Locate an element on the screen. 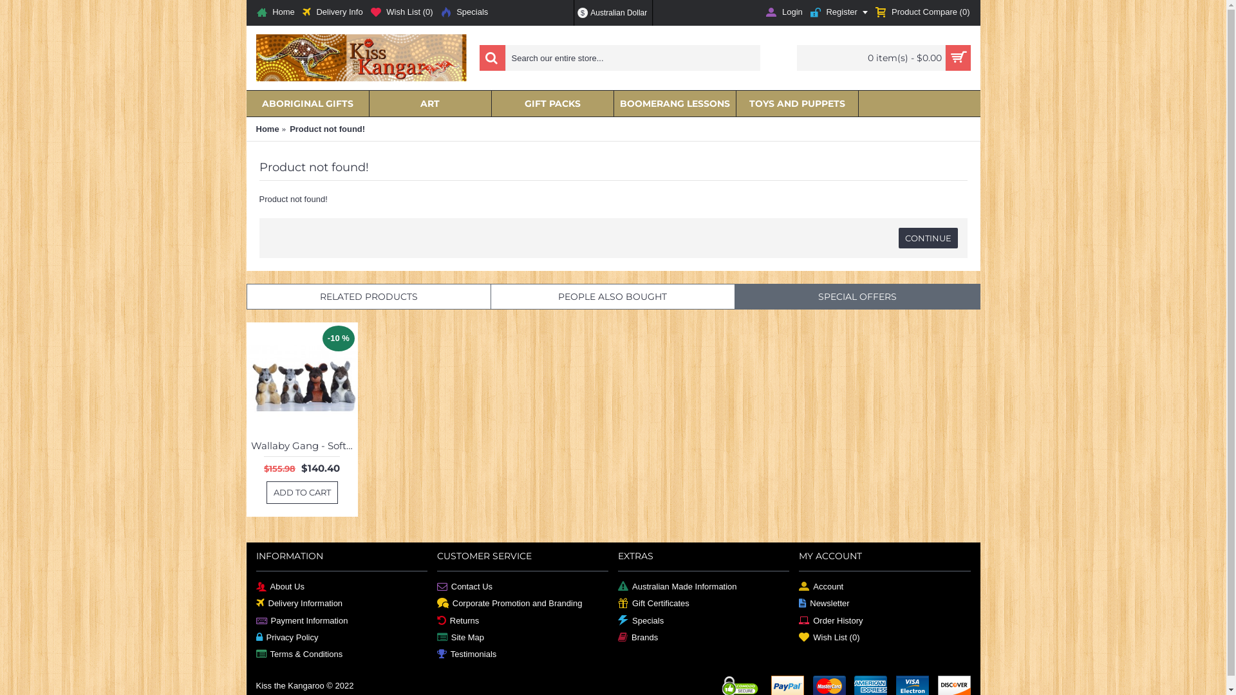 This screenshot has width=1236, height=695. 'Corporate Promotion and Branding' is located at coordinates (522, 603).